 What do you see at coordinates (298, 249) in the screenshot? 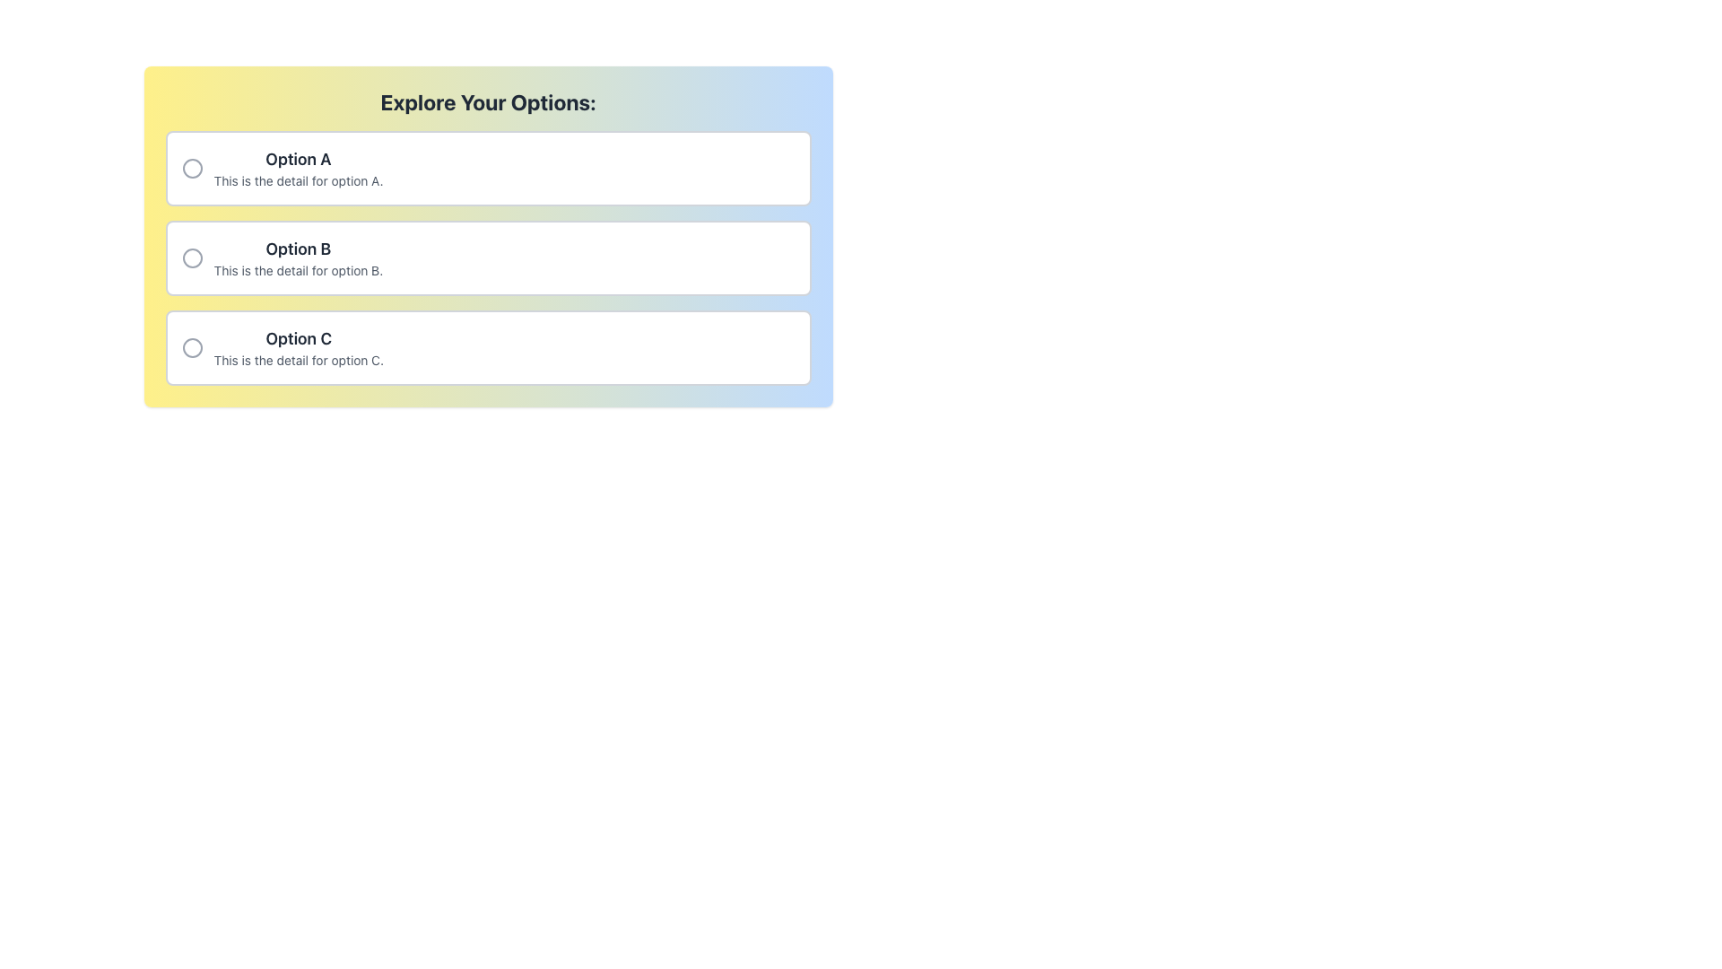
I see `the static text element that serves as a label for 'Option B', positioned centrally below 'Option A' and above 'Option C'` at bounding box center [298, 249].